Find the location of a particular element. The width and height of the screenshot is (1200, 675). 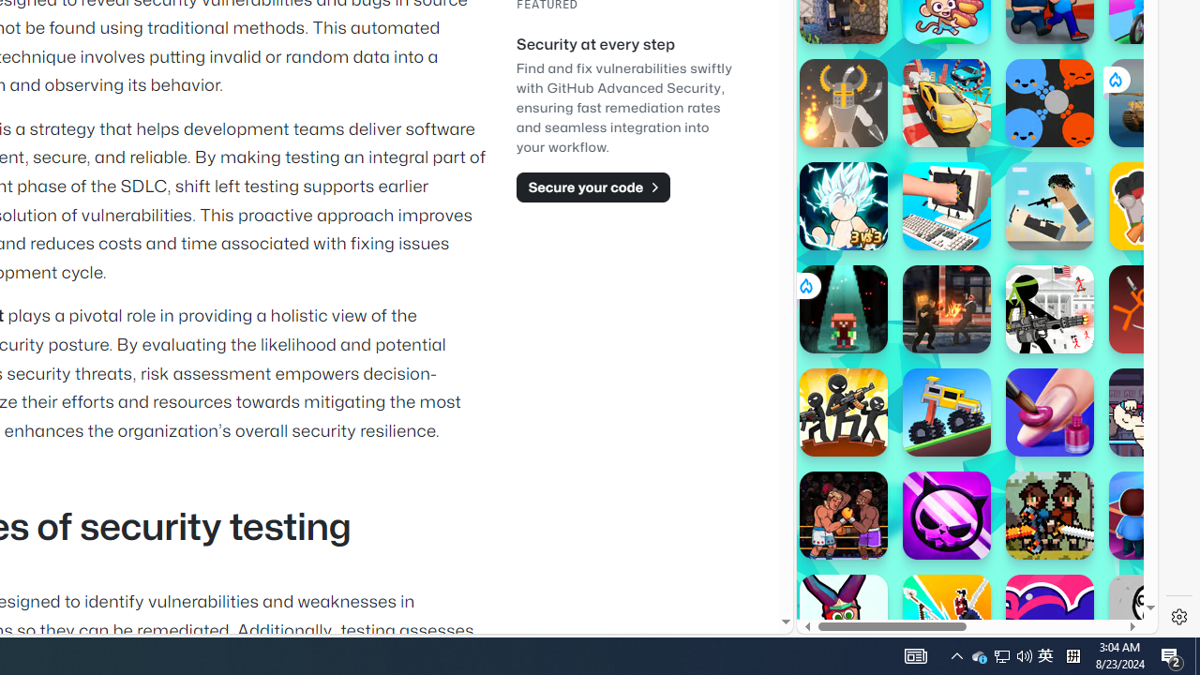

'Nails DIY: Manicure Master' is located at coordinates (1050, 411).